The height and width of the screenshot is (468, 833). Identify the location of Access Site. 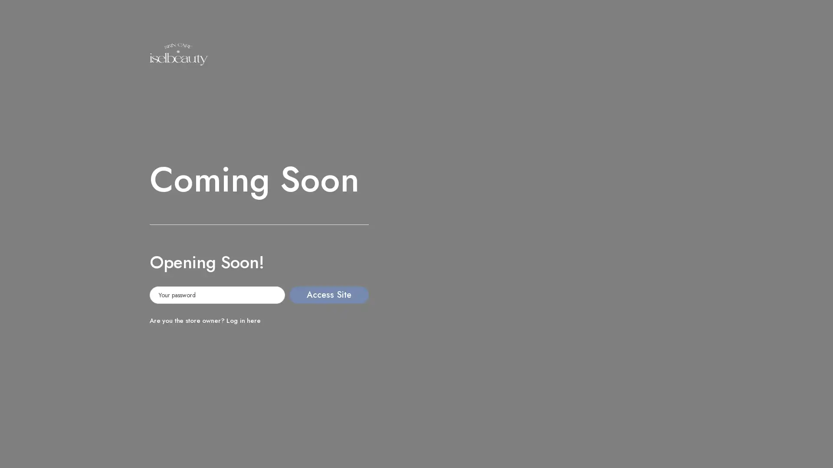
(328, 295).